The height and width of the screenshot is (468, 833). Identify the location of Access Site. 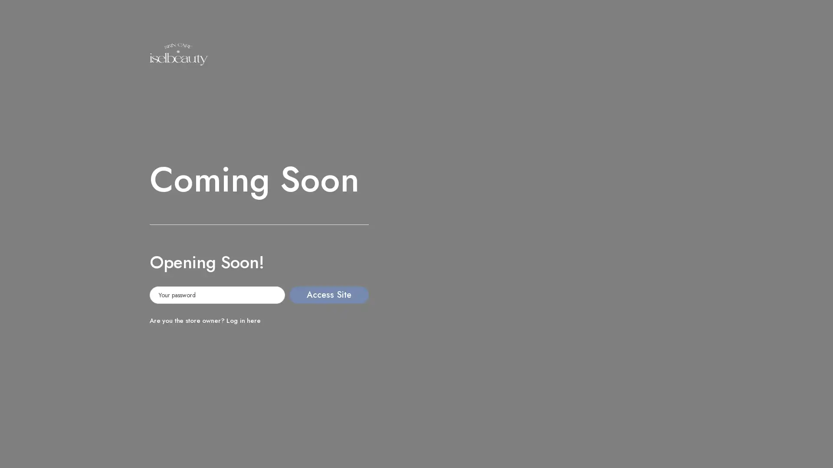
(328, 295).